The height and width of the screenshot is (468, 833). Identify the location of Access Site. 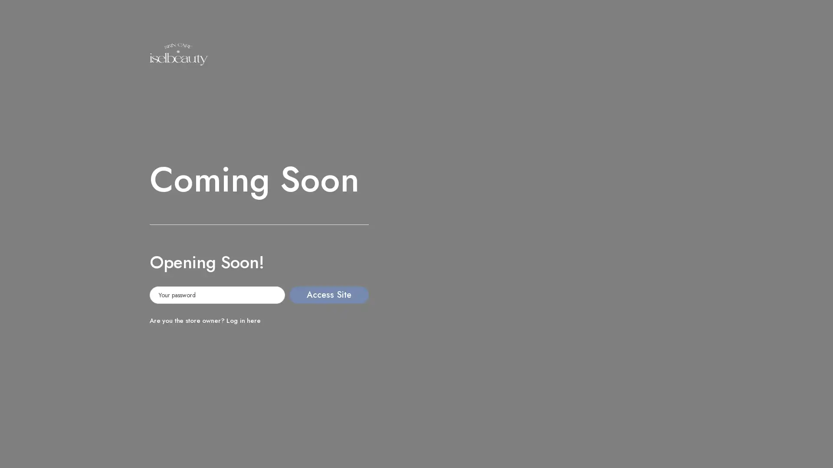
(328, 295).